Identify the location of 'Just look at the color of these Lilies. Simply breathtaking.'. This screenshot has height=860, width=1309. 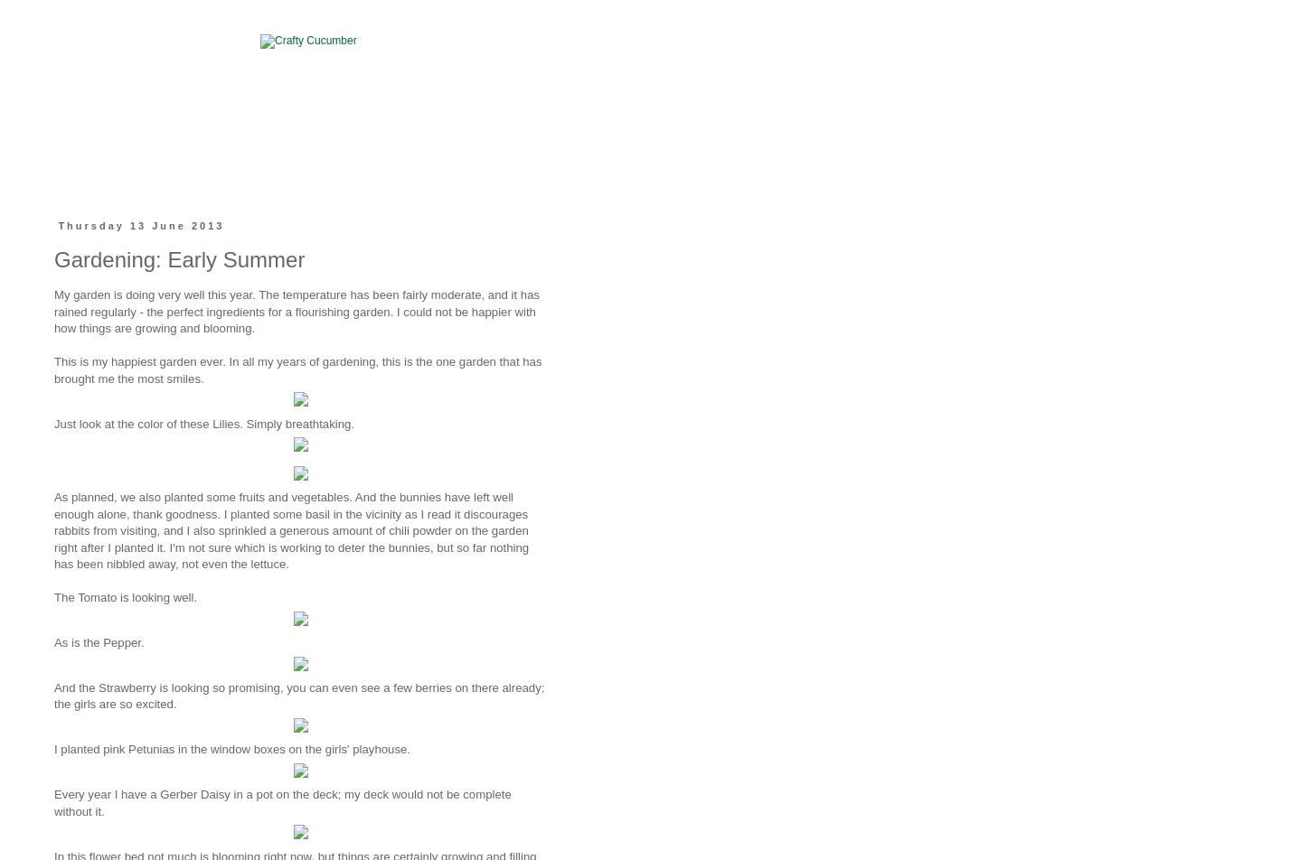
(53, 423).